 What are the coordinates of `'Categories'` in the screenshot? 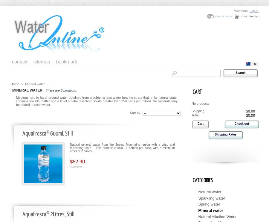 It's located at (202, 180).